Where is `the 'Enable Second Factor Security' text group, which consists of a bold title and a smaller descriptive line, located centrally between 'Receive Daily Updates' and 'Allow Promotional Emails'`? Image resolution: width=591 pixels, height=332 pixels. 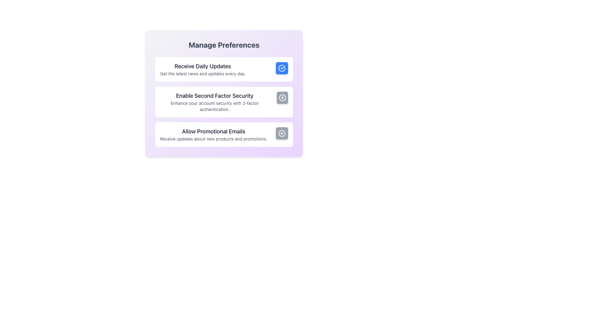
the 'Enable Second Factor Security' text group, which consists of a bold title and a smaller descriptive line, located centrally between 'Receive Daily Updates' and 'Allow Promotional Emails' is located at coordinates (215, 101).